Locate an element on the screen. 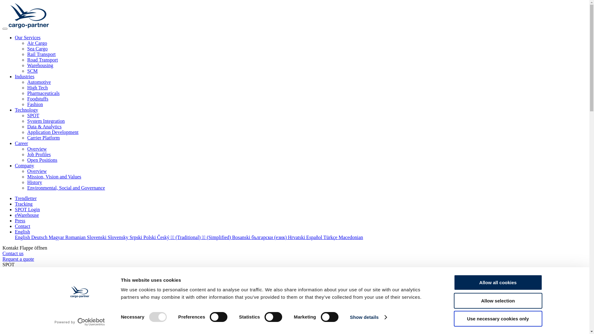 Image resolution: width=594 pixels, height=334 pixels. 'SPOT Login' is located at coordinates (27, 209).